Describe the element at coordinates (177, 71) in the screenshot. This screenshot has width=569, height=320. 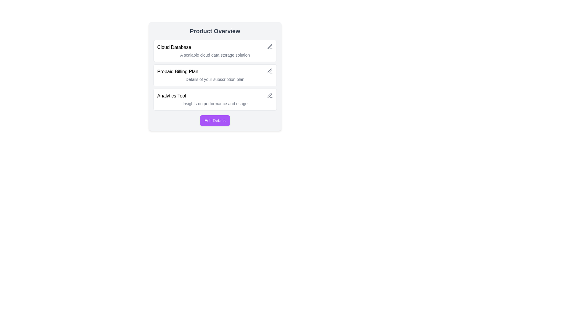
I see `the text label reading 'Prepaid Billing Plan' which is centrally located in the second row under the section 'Product Overview'` at that location.